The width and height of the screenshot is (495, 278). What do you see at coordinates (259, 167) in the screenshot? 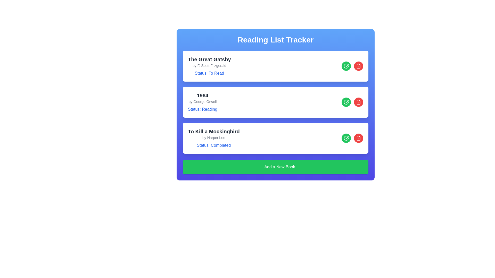
I see `the small plus icon within the green button labeled 'Add a New Book' for potential icon-specific feedback` at bounding box center [259, 167].